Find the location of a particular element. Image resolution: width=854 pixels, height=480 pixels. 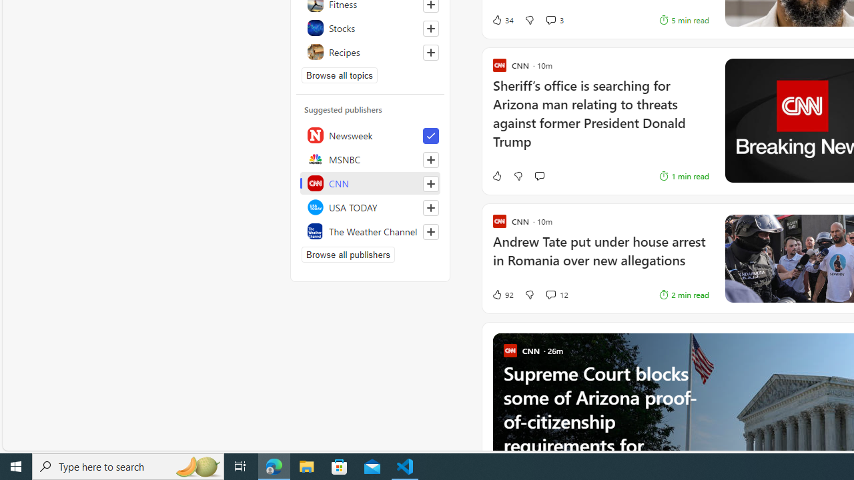

'Follow this source' is located at coordinates (430, 231).